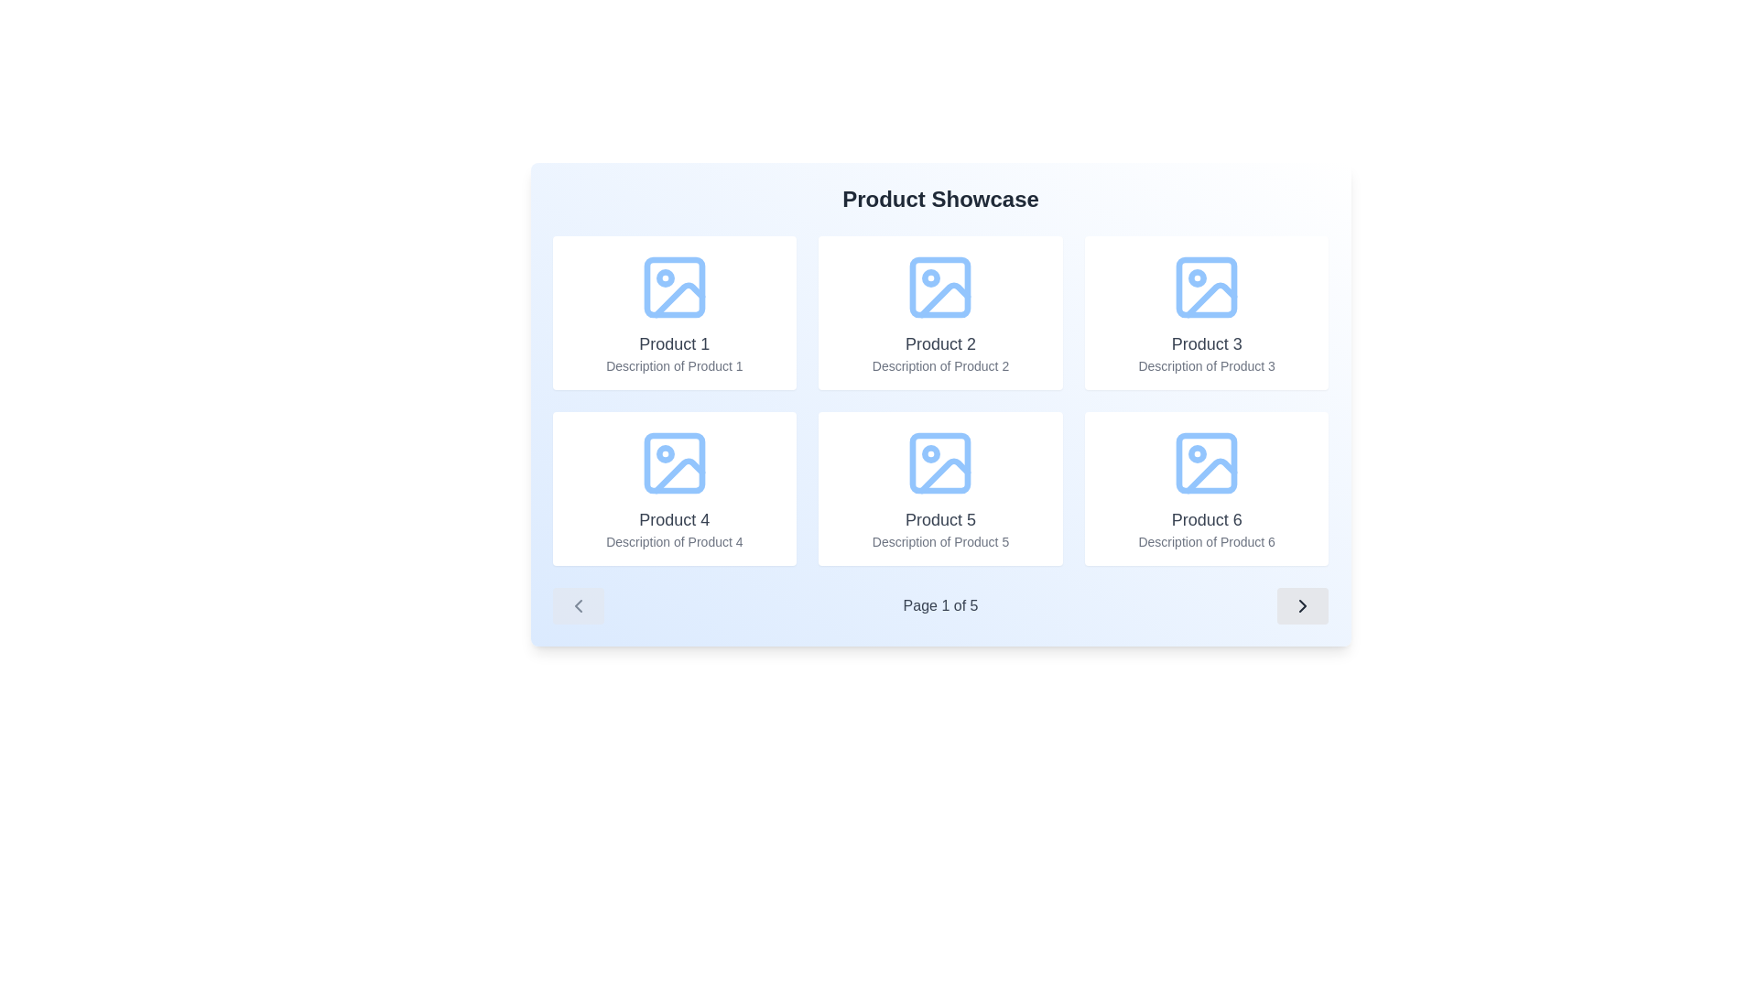 The image size is (1758, 989). What do you see at coordinates (1207, 287) in the screenshot?
I see `the image placeholder icon that visually represents 'Product 3' in the grid layout by moving the cursor to its center` at bounding box center [1207, 287].